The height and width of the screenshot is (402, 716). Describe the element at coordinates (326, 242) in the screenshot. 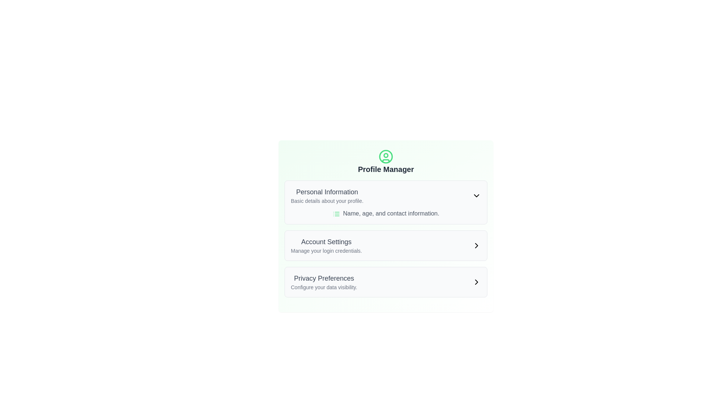

I see `the text label displaying 'Account Settings', which is styled in gray and larger font, positioned above the subtitle 'Manage your login credentials'` at that location.